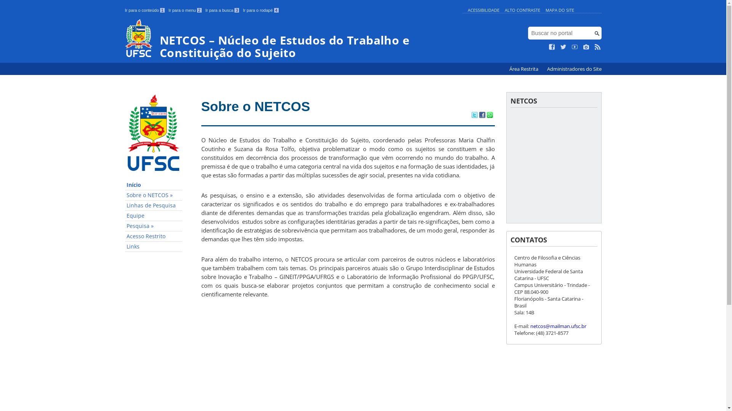  I want to click on 'Equipe', so click(153, 216).